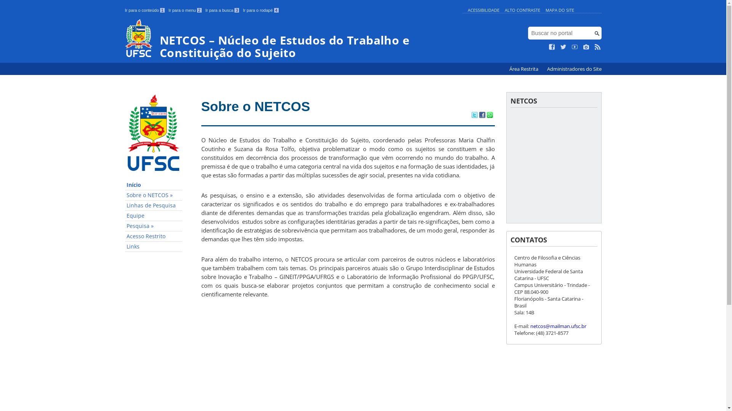  I want to click on 'Equipe', so click(153, 216).